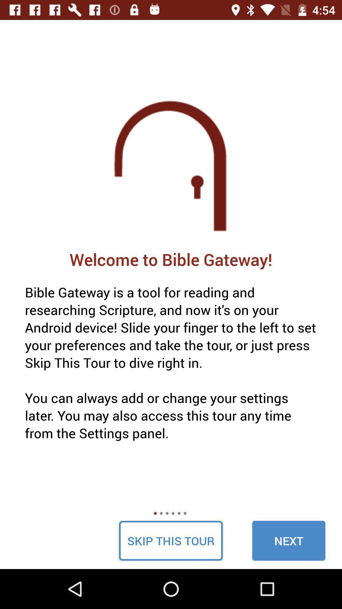 The image size is (342, 609). Describe the element at coordinates (288, 540) in the screenshot. I see `icon below the bible gateway is` at that location.